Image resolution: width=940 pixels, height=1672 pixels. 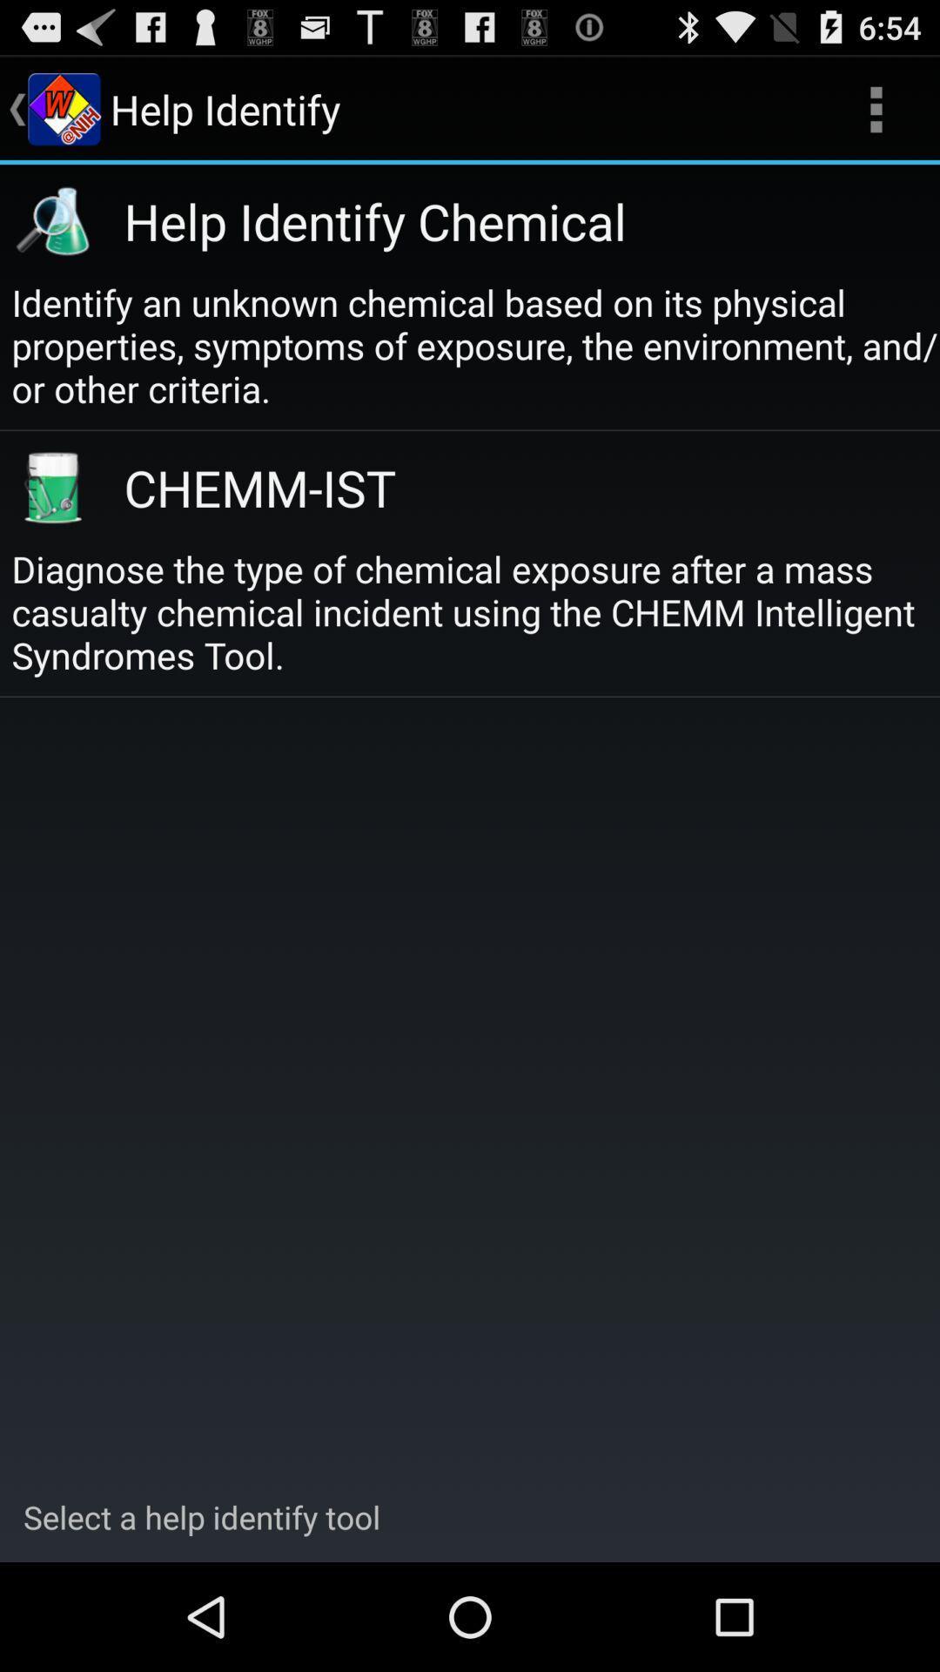 What do you see at coordinates (511, 487) in the screenshot?
I see `the icon below the identify an unknown item` at bounding box center [511, 487].